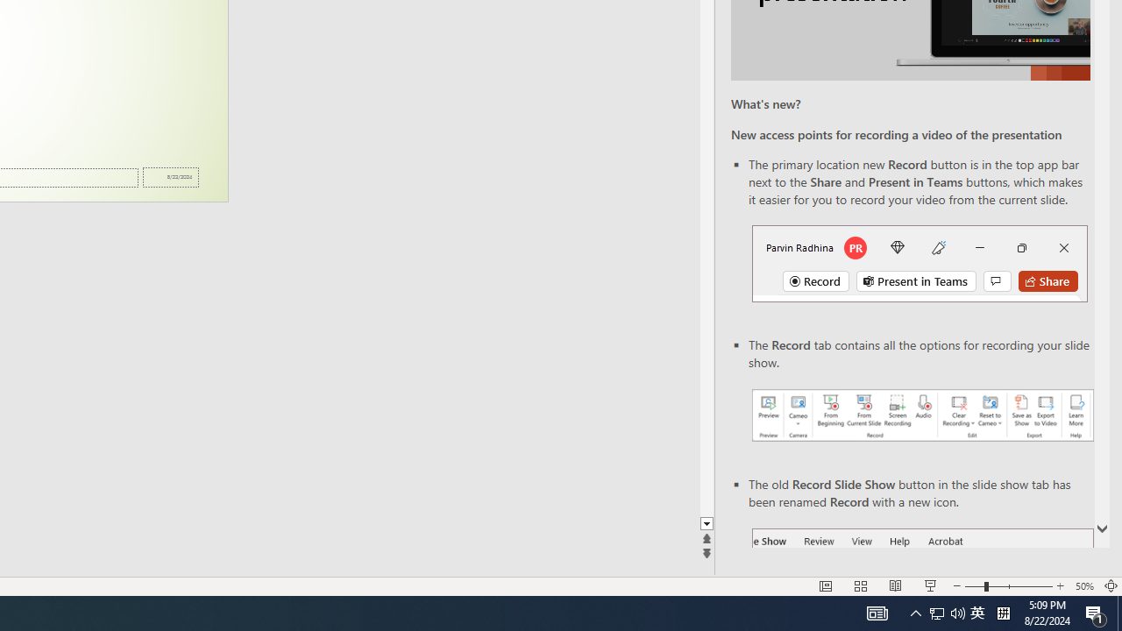 This screenshot has height=631, width=1122. Describe the element at coordinates (919, 263) in the screenshot. I see `'Record button in top bar'` at that location.